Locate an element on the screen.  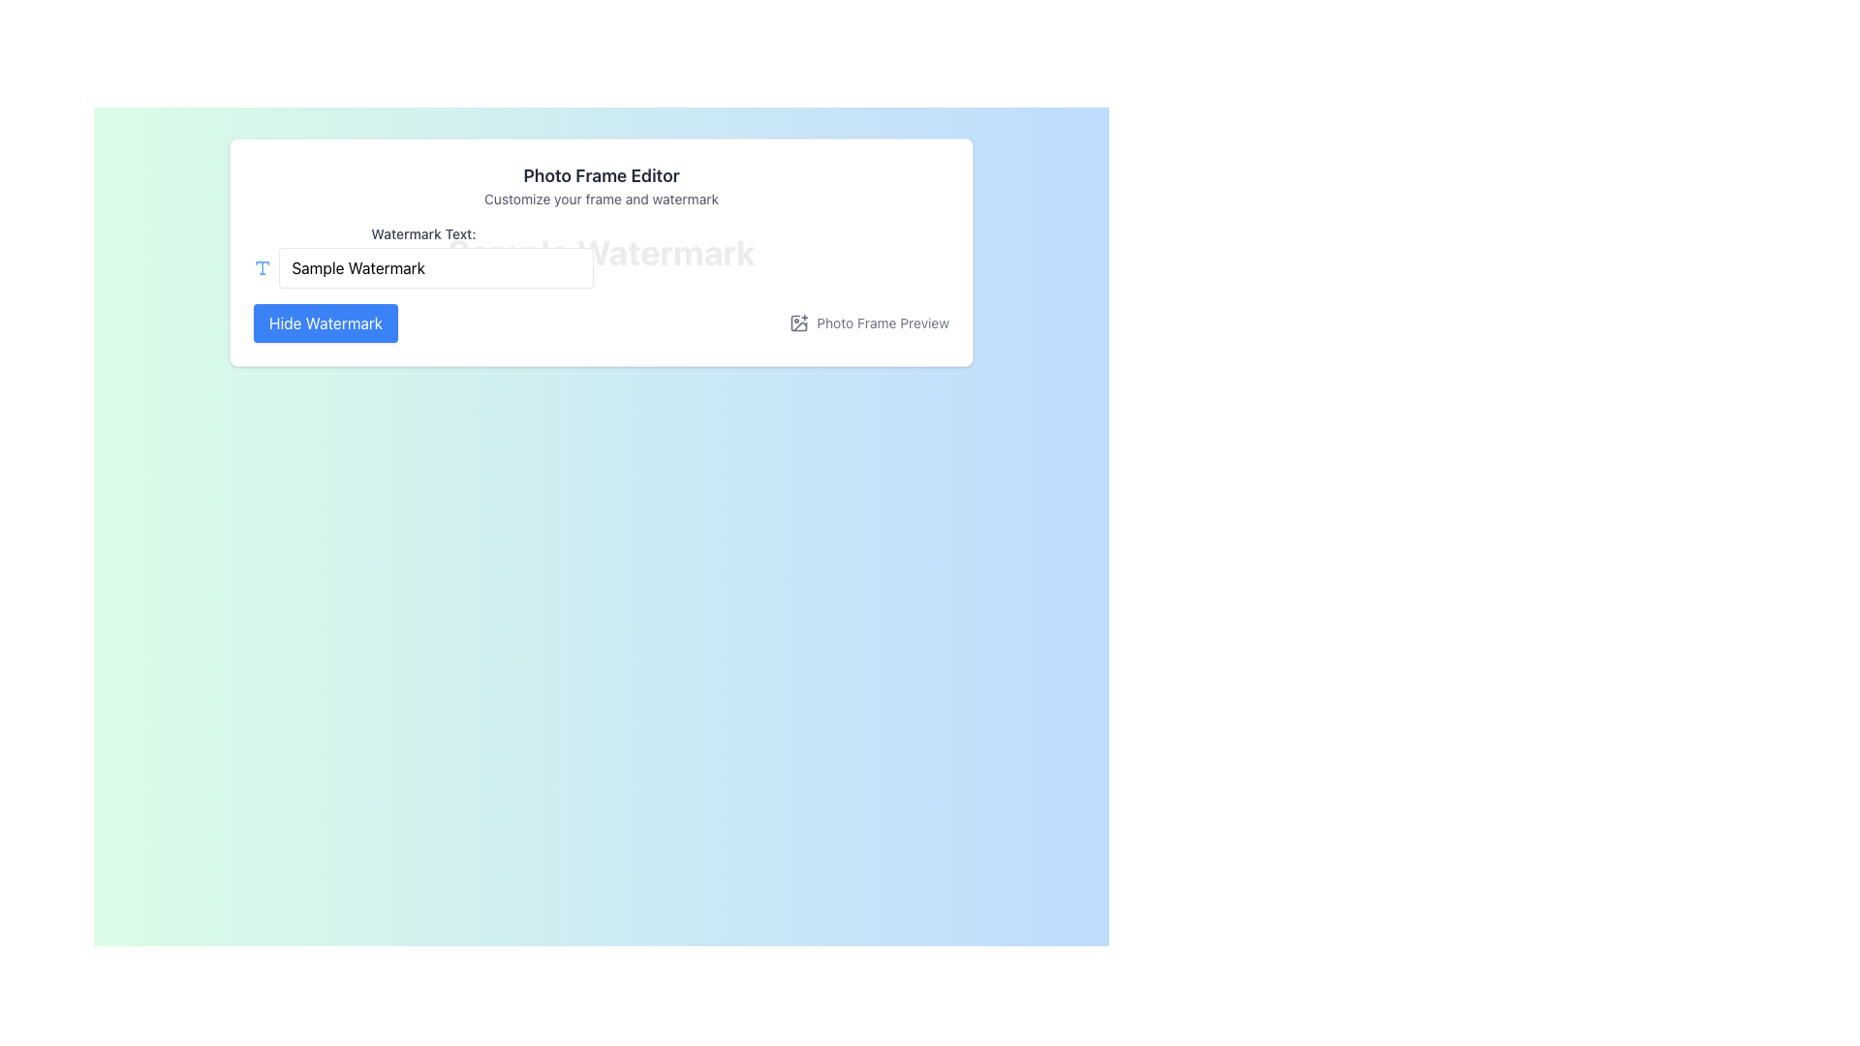
the text tool icon located to the immediate left of the text input field labeled 'Enter watermark text' is located at coordinates (261, 268).